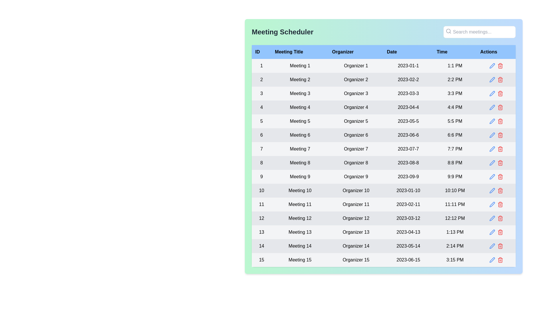 This screenshot has width=555, height=312. Describe the element at coordinates (408, 149) in the screenshot. I see `the static text display showing the date '2023-07-7' located in the 'Date' column of the seventh row in the 'Meeting Scheduler' data grid` at that location.